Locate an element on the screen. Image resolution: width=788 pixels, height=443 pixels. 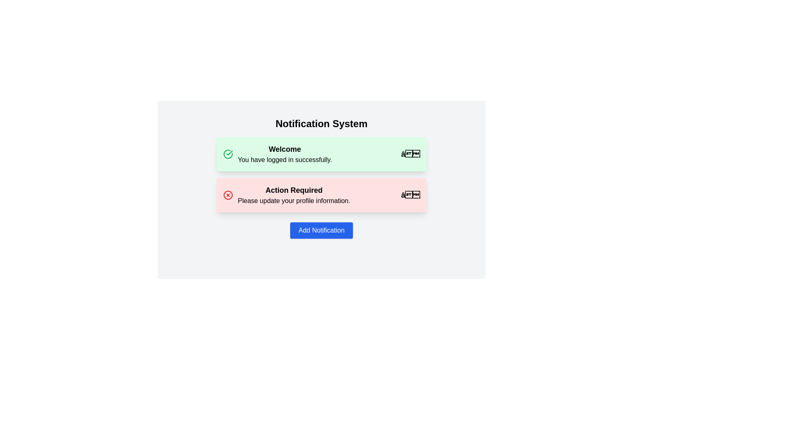
section heading text located at the topmost part of the layout, which describes notifications and features below it is located at coordinates (321, 123).